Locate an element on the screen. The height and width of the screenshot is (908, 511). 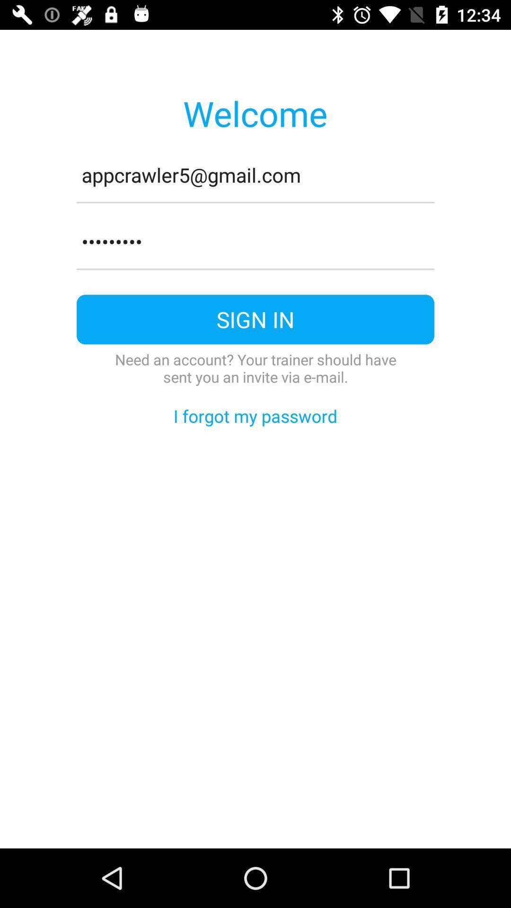
item below welcome item is located at coordinates (255, 175).